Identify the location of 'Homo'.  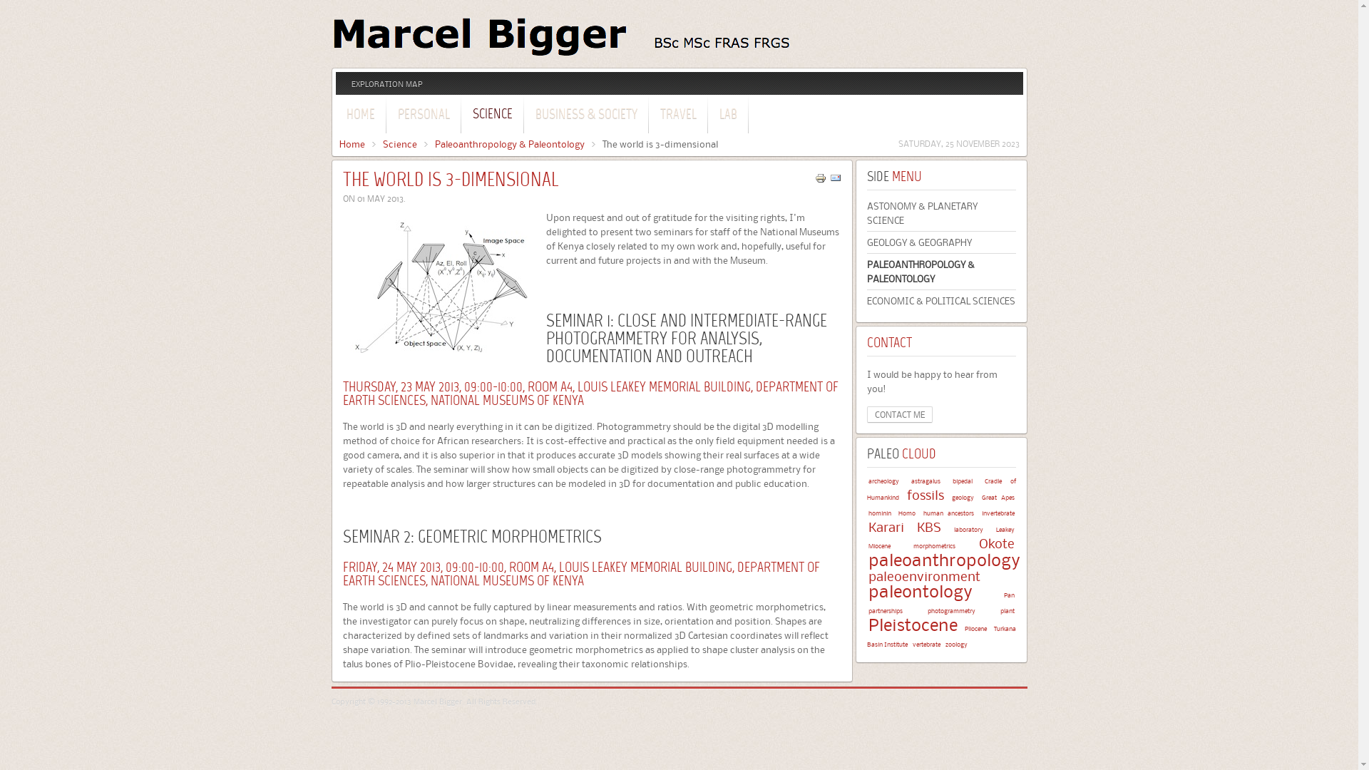
(906, 512).